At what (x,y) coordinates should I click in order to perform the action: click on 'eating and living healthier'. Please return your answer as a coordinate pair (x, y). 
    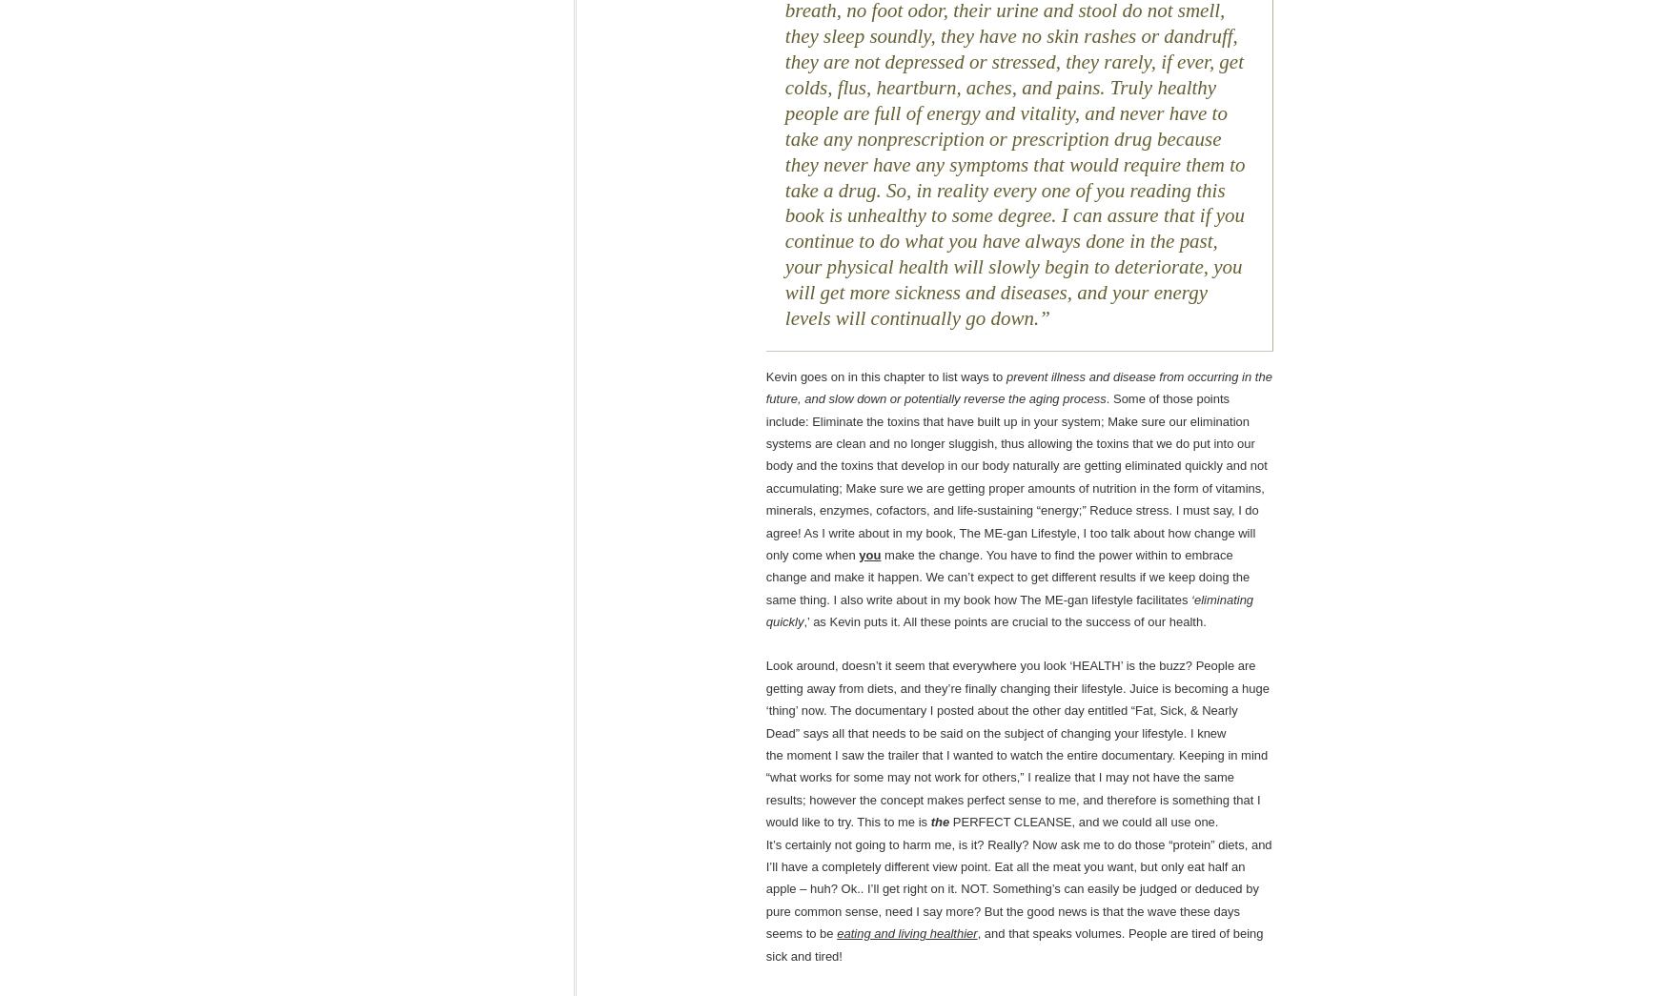
    Looking at the image, I should click on (905, 932).